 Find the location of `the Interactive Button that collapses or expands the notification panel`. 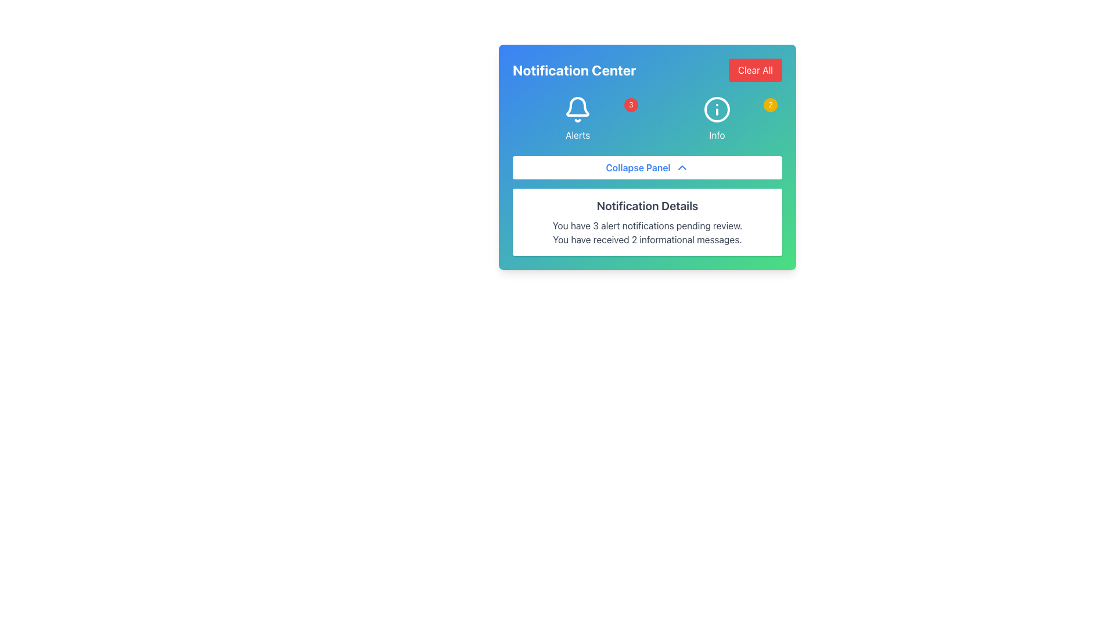

the Interactive Button that collapses or expands the notification panel is located at coordinates (646, 157).